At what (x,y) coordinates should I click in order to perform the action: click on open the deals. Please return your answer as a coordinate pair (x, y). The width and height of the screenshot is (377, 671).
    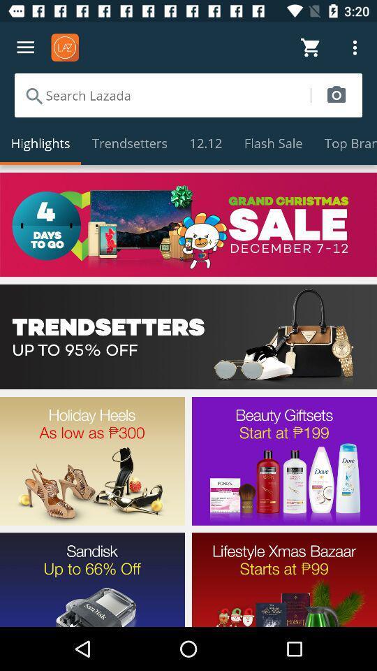
    Looking at the image, I should click on (188, 336).